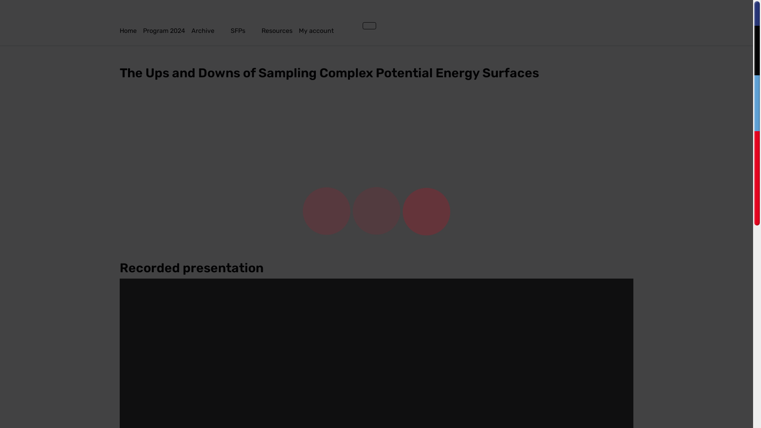 This screenshot has width=761, height=428. I want to click on 'SFPs', so click(245, 30).